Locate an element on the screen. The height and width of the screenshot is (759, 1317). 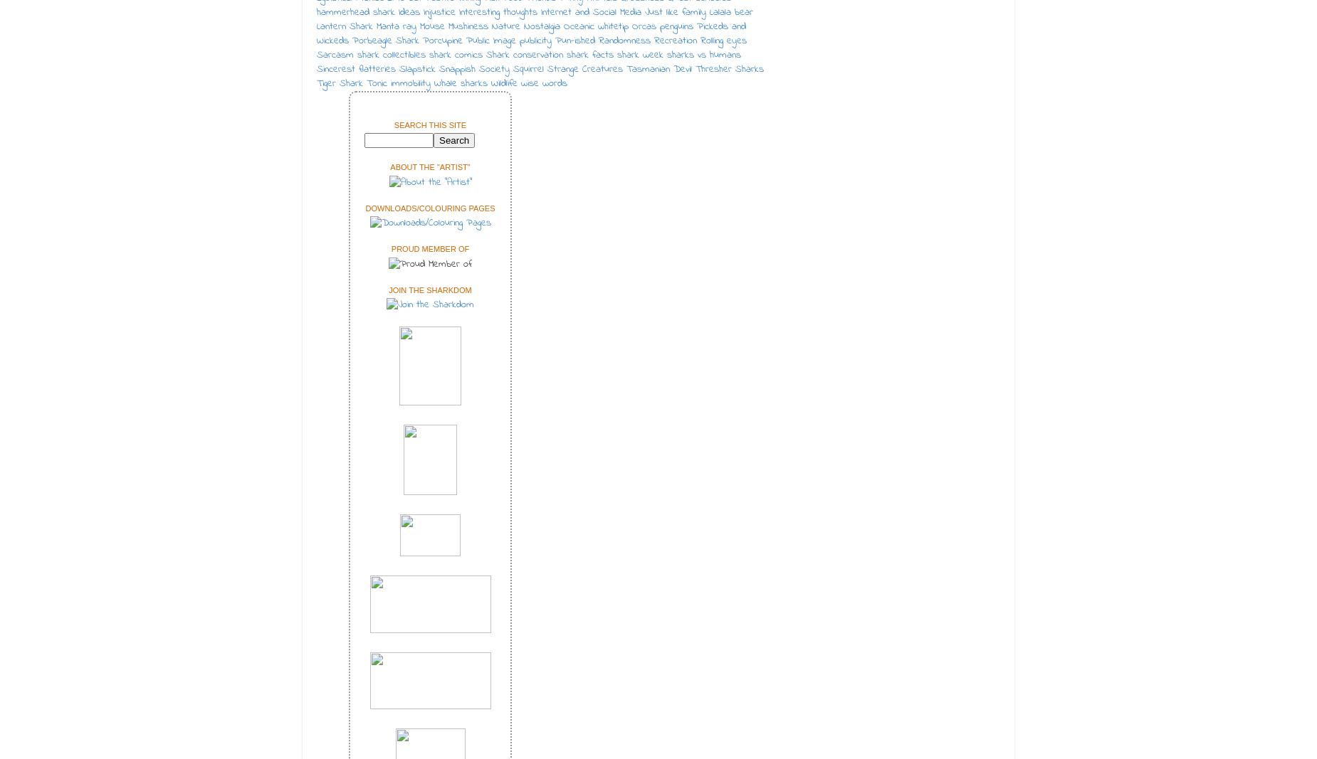
'Join the Sharkdom' is located at coordinates (430, 288).